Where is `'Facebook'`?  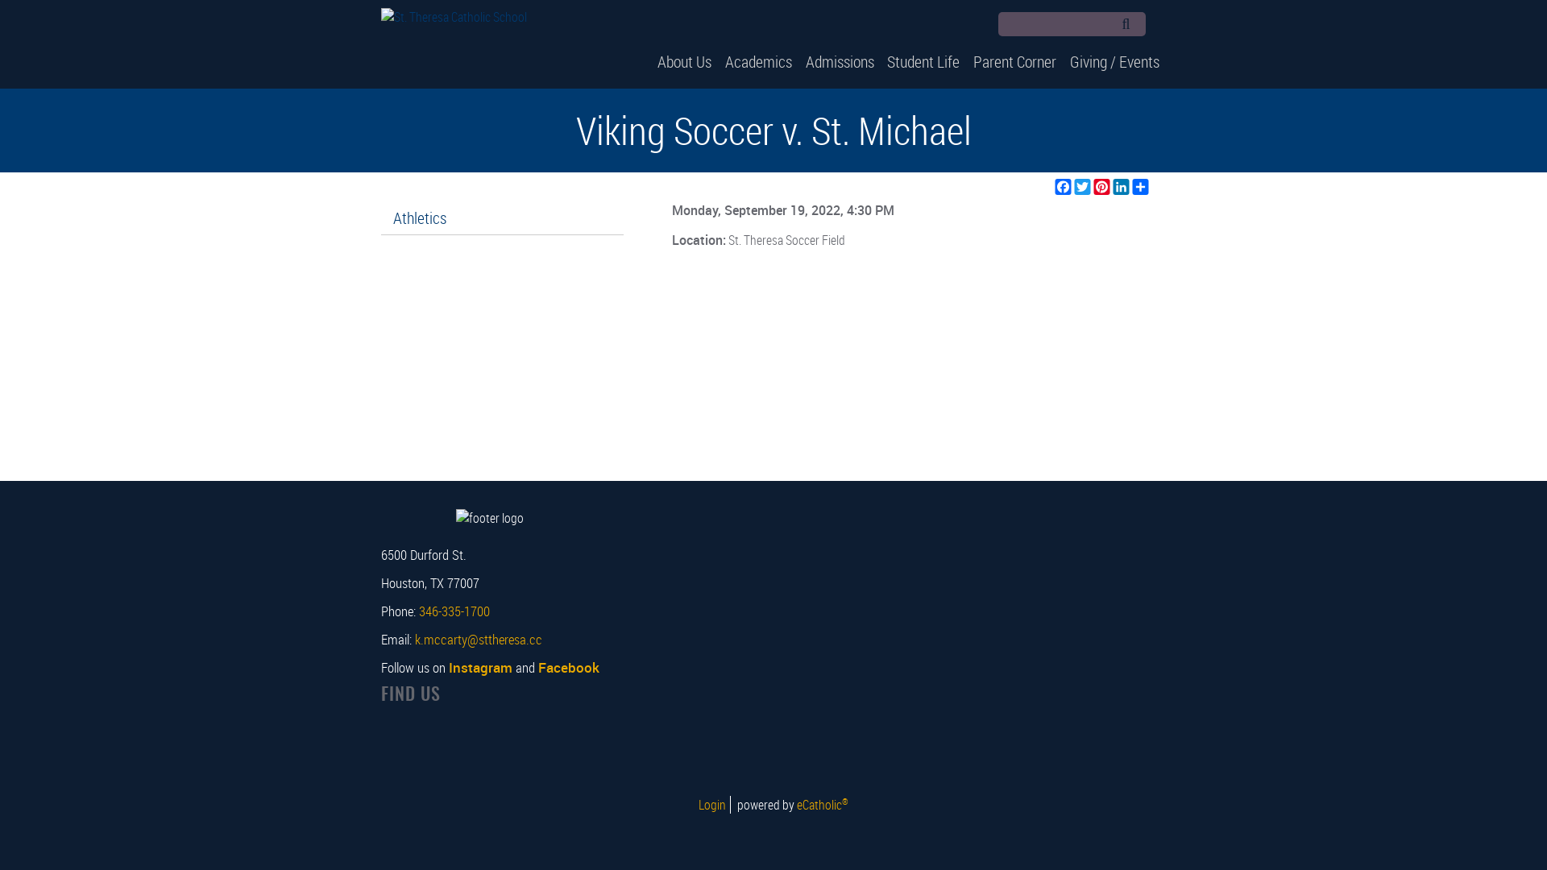
'Facebook' is located at coordinates (568, 667).